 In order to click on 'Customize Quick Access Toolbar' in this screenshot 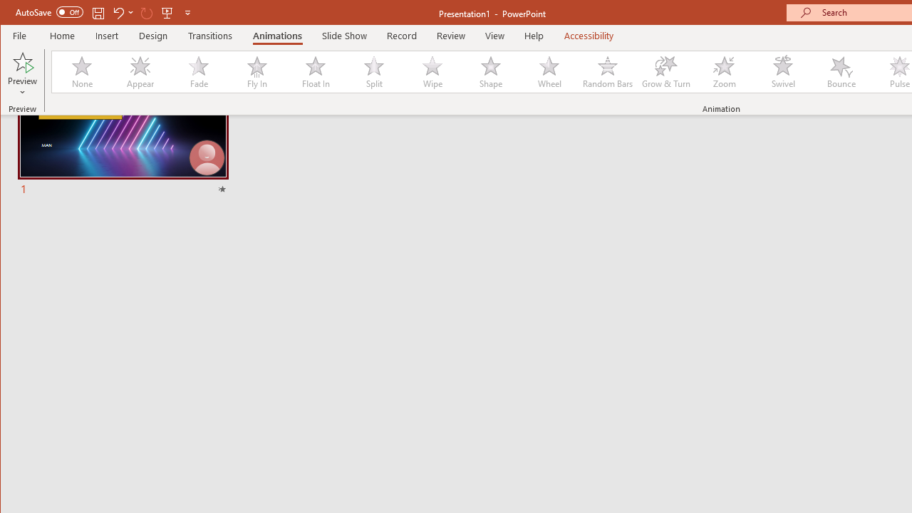, I will do `click(187, 12)`.